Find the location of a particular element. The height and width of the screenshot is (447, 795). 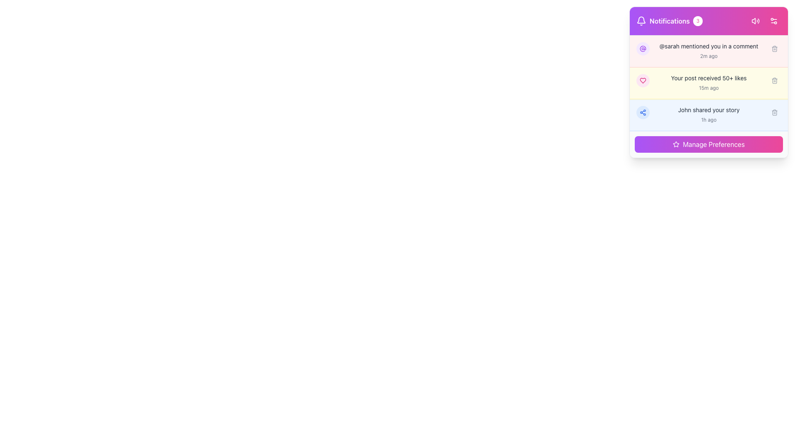

the trashcan icon located at the right edge of the second notification entry in the notification list is located at coordinates (774, 81).